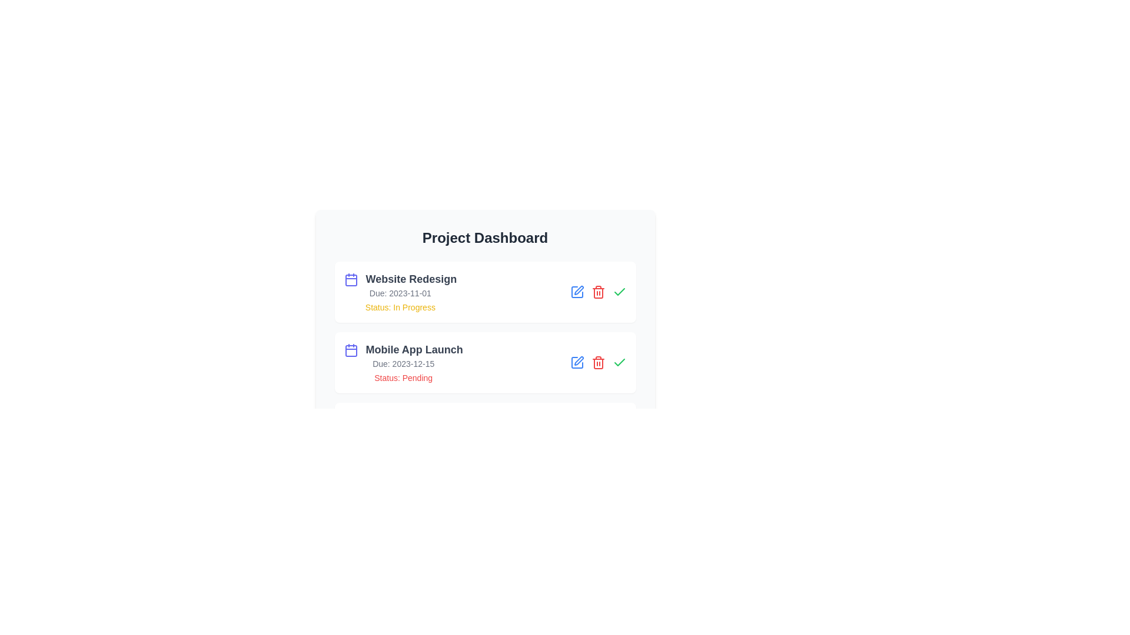 The image size is (1130, 635). What do you see at coordinates (400, 279) in the screenshot?
I see `the text element Website Redesign to select it` at bounding box center [400, 279].